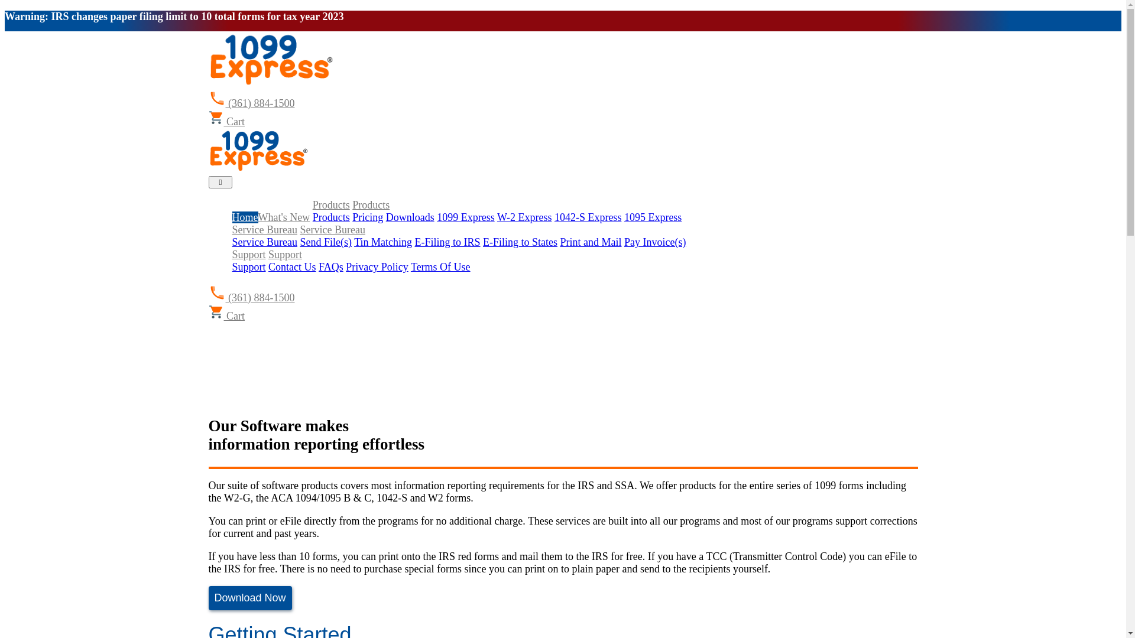 Image resolution: width=1135 pixels, height=638 pixels. What do you see at coordinates (257, 217) in the screenshot?
I see `'What's New'` at bounding box center [257, 217].